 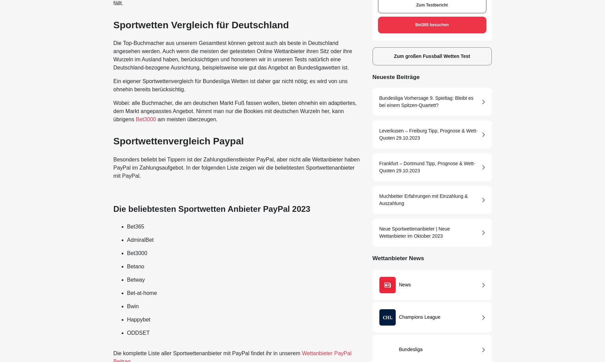 What do you see at coordinates (235, 111) in the screenshot?
I see `'Wobei: alle Buchmacher, die am deutschen Markt Fuß fassen wollen, bieten ohnehin ein adaptiertes, dem Markt angepasstes Angebot. Nimmt man nur die Bookies mit deutschen Wurzeln her, kann übrigens'` at bounding box center [235, 111].